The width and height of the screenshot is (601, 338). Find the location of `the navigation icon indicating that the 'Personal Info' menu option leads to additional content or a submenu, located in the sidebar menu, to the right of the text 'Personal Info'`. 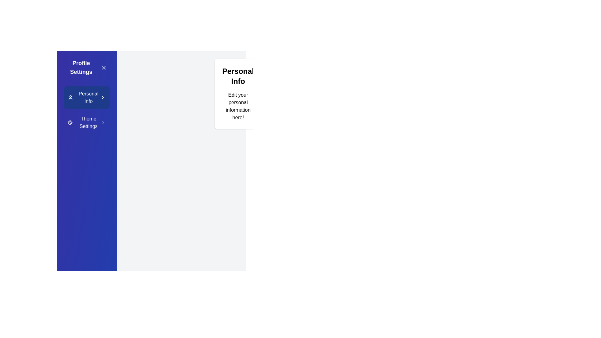

the navigation icon indicating that the 'Personal Info' menu option leads to additional content or a submenu, located in the sidebar menu, to the right of the text 'Personal Info' is located at coordinates (103, 98).